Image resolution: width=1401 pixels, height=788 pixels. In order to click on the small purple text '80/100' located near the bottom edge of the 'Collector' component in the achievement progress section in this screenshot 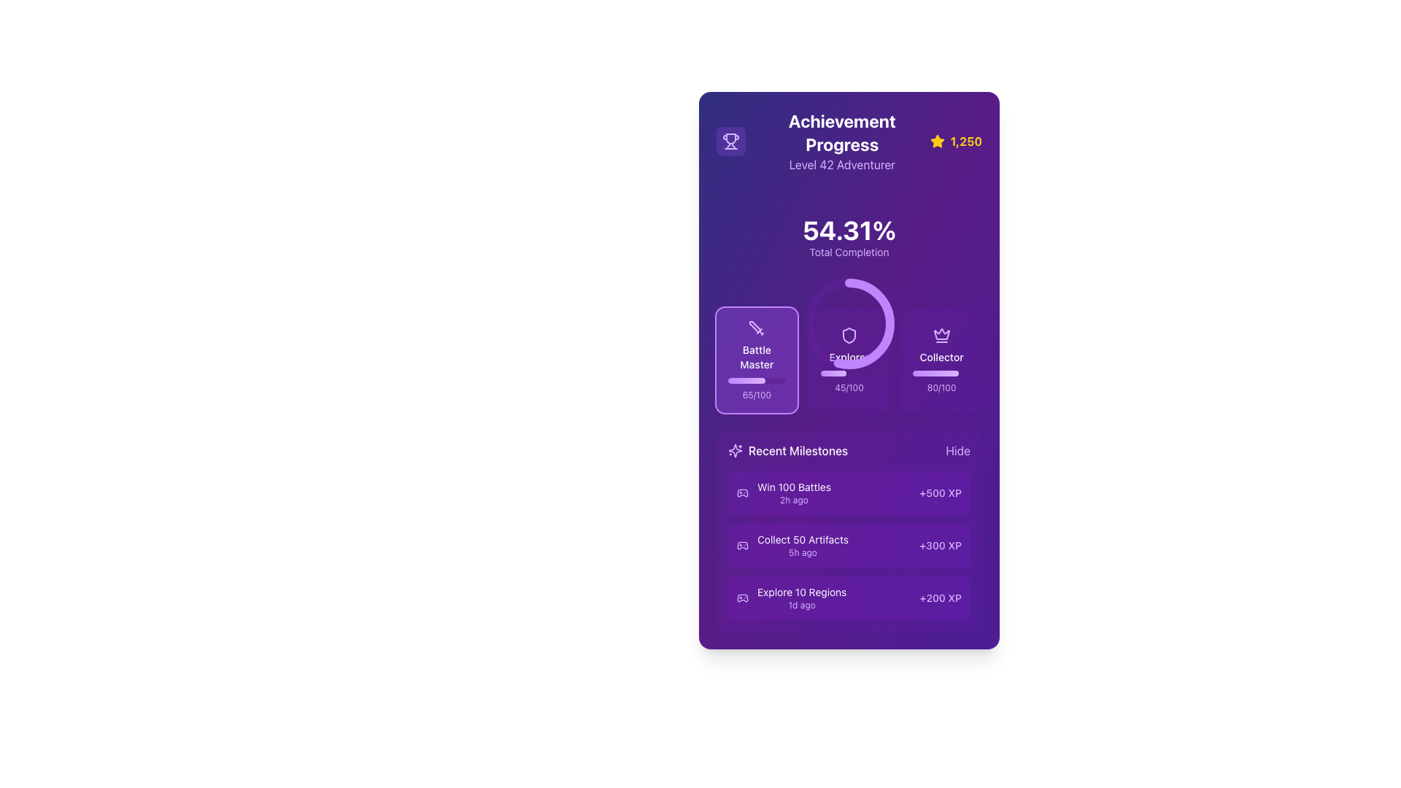, I will do `click(941, 387)`.